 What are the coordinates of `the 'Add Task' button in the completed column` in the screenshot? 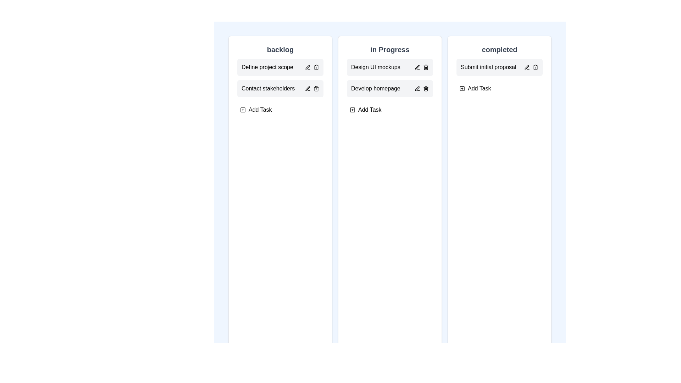 It's located at (475, 88).